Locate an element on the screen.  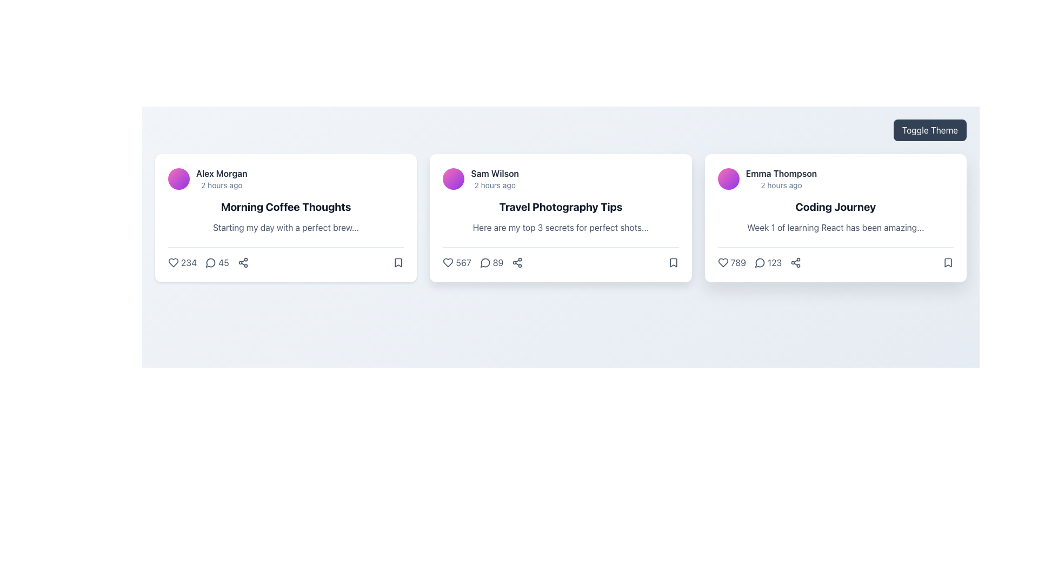
the share icon located in the bottom-right corner of the leftmost content card is located at coordinates (242, 263).